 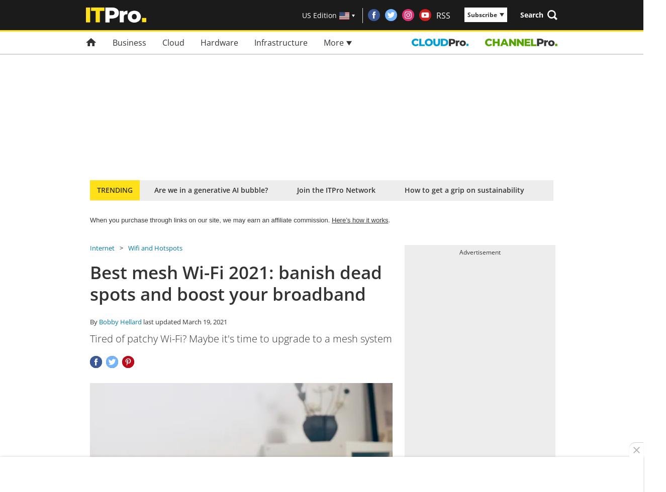 What do you see at coordinates (235, 283) in the screenshot?
I see `'Best mesh Wi-Fi 2021: banish dead spots and boost your broadband'` at bounding box center [235, 283].